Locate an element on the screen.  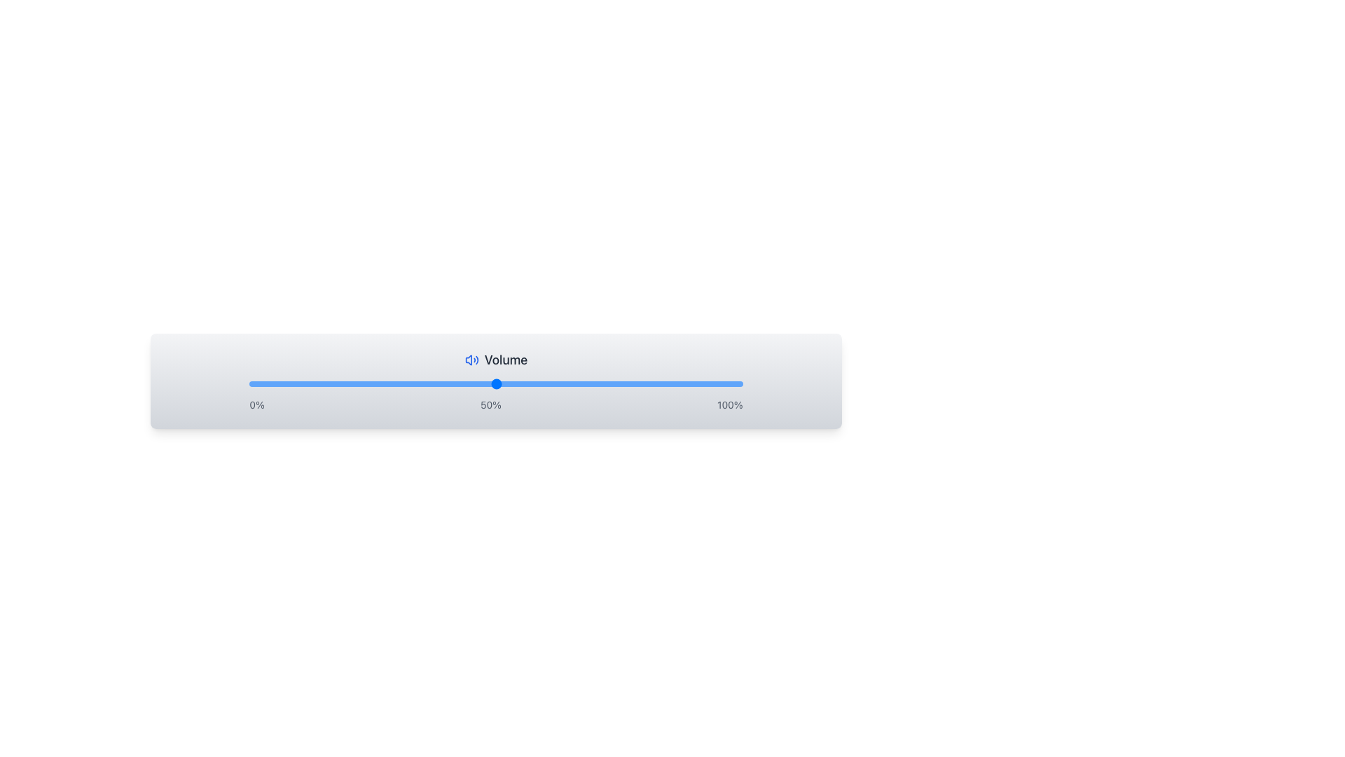
the volume is located at coordinates (653, 383).